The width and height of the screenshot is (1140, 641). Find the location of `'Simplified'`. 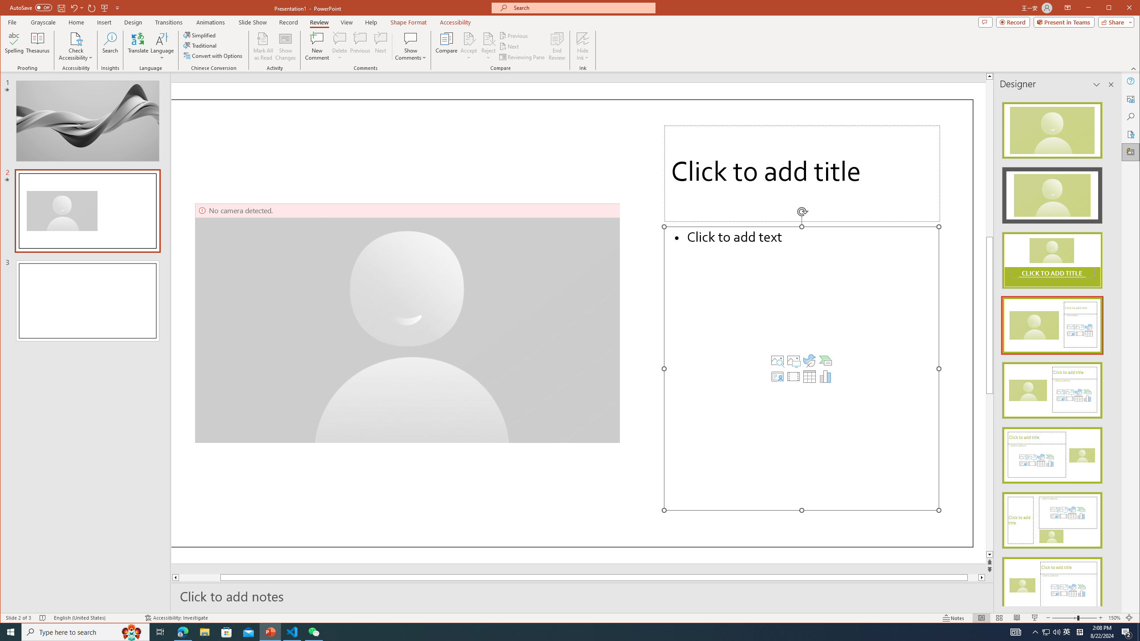

'Simplified' is located at coordinates (200, 35).